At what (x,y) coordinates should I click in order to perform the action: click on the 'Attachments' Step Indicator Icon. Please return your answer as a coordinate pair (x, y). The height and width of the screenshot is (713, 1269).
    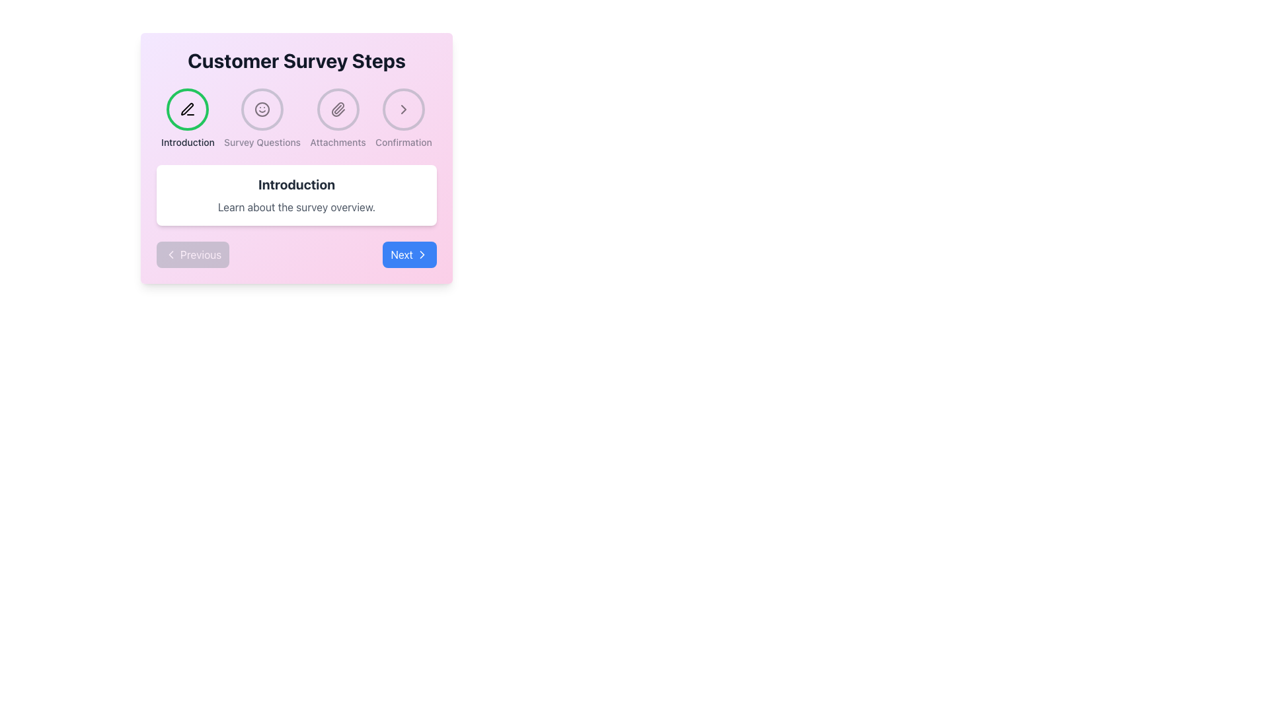
    Looking at the image, I should click on (338, 108).